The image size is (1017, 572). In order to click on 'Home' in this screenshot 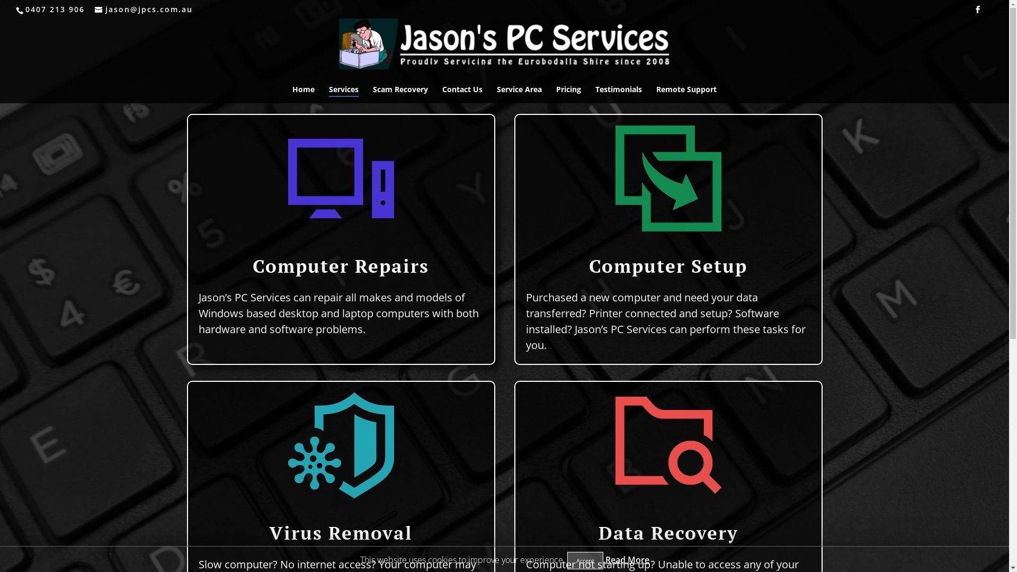, I will do `click(292, 93)`.